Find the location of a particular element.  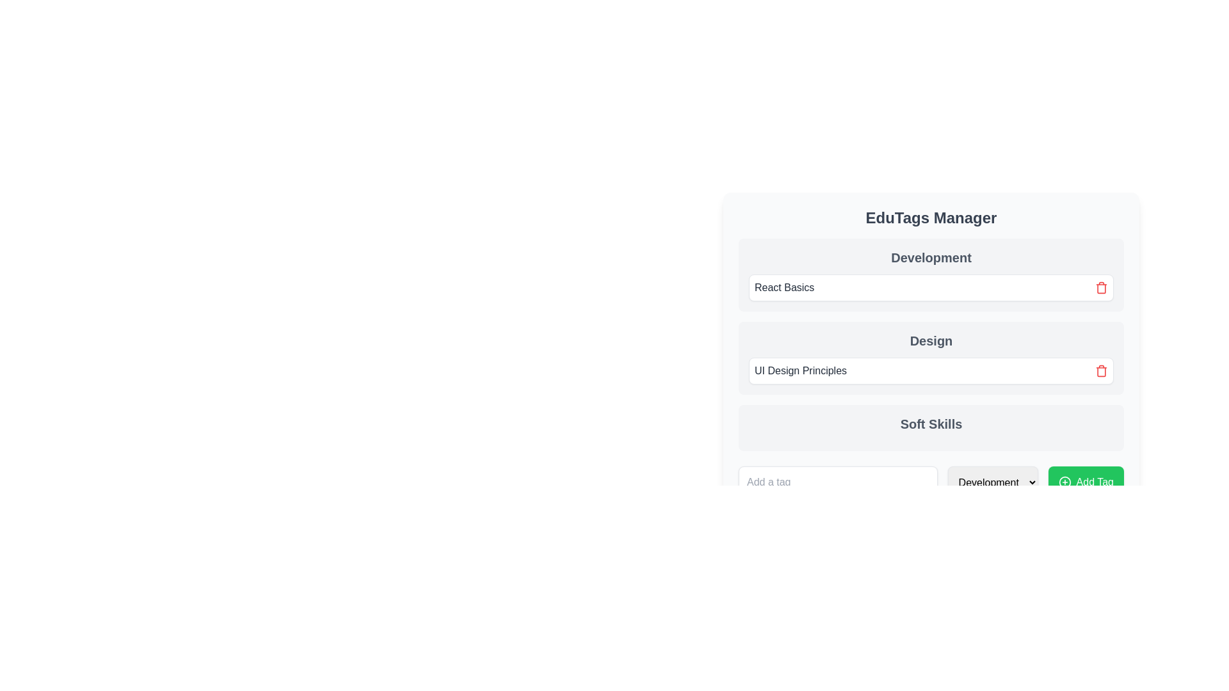

the 'Design' text label header, which categorizes the content between 'Development' and 'Soft Skills' in the 'EduTags Manager' interface is located at coordinates (931, 330).